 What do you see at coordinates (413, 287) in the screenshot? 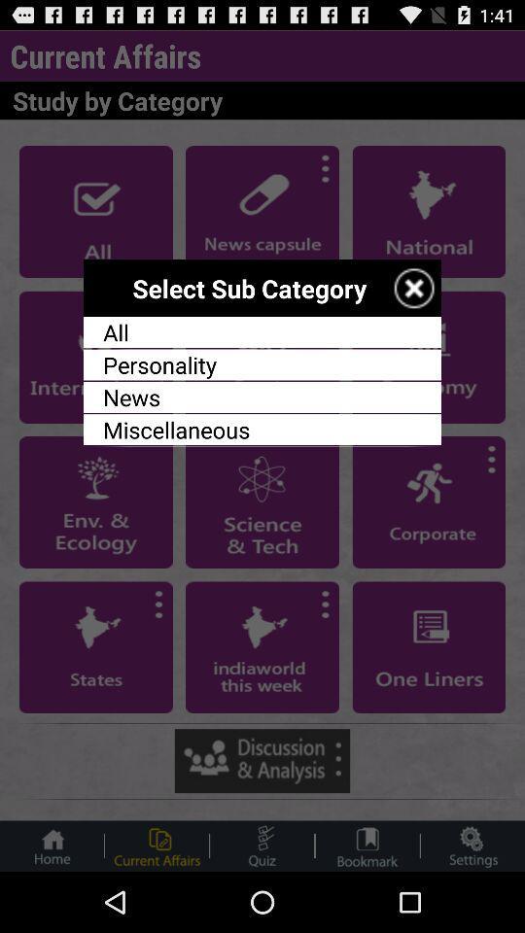
I see `item above the all app` at bounding box center [413, 287].